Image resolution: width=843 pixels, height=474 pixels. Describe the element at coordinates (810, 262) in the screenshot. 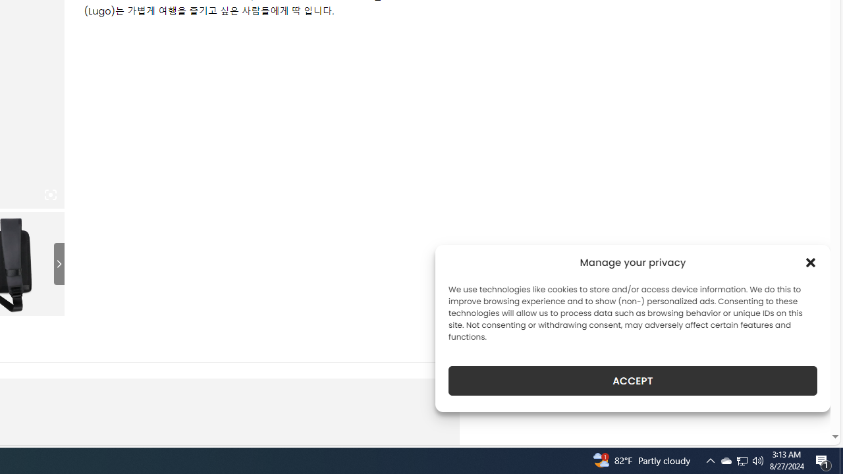

I see `'Class: cmplz-close'` at that location.